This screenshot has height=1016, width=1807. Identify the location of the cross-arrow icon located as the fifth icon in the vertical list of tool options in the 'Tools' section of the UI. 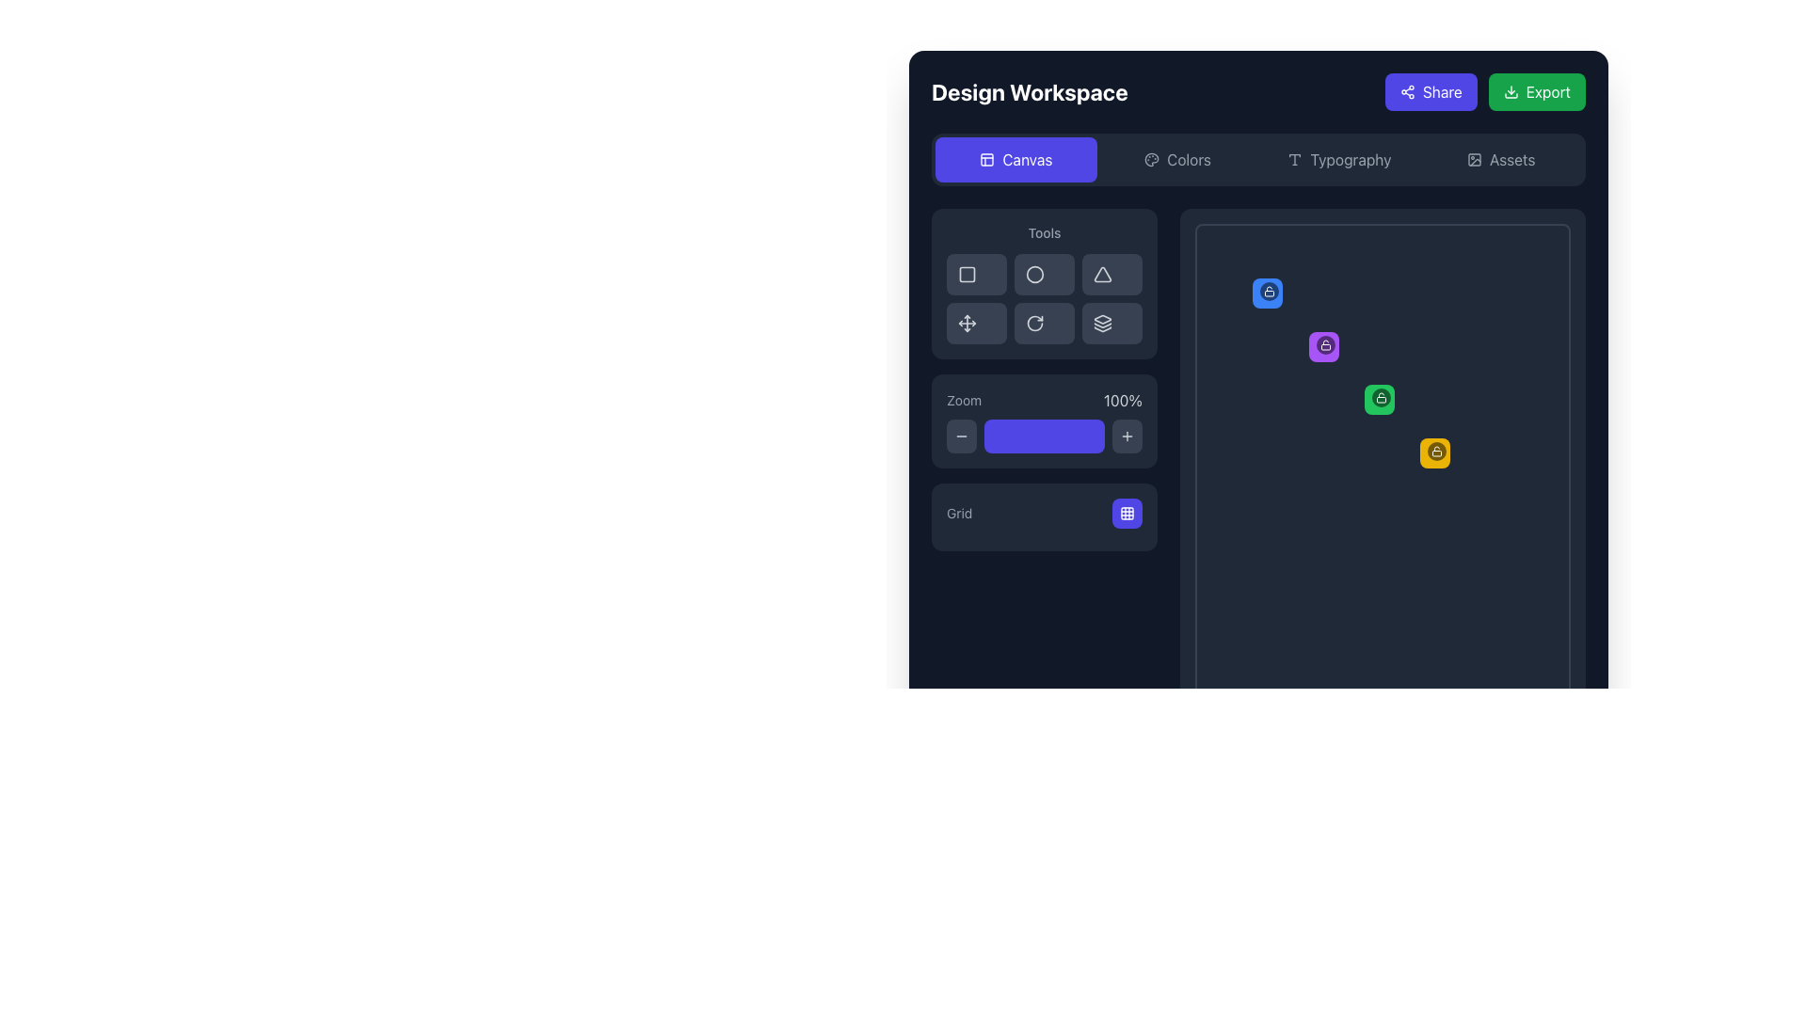
(967, 322).